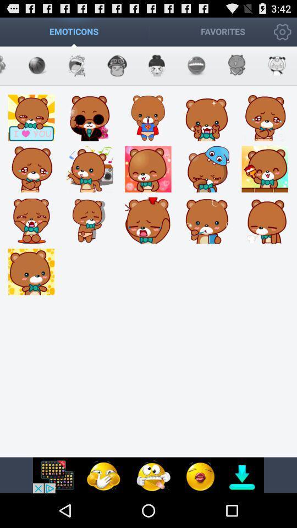  I want to click on the emoji icon, so click(196, 69).